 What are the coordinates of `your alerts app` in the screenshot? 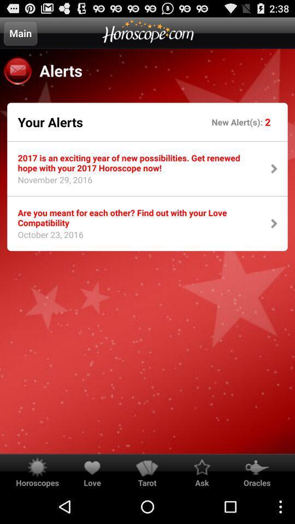 It's located at (50, 122).